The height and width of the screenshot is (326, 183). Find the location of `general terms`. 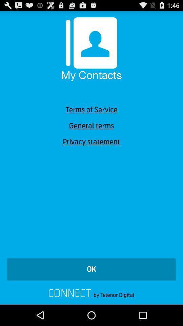

general terms is located at coordinates (91, 125).